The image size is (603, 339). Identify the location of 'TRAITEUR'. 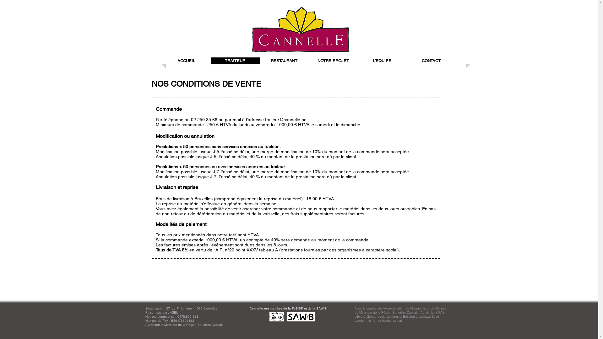
(235, 61).